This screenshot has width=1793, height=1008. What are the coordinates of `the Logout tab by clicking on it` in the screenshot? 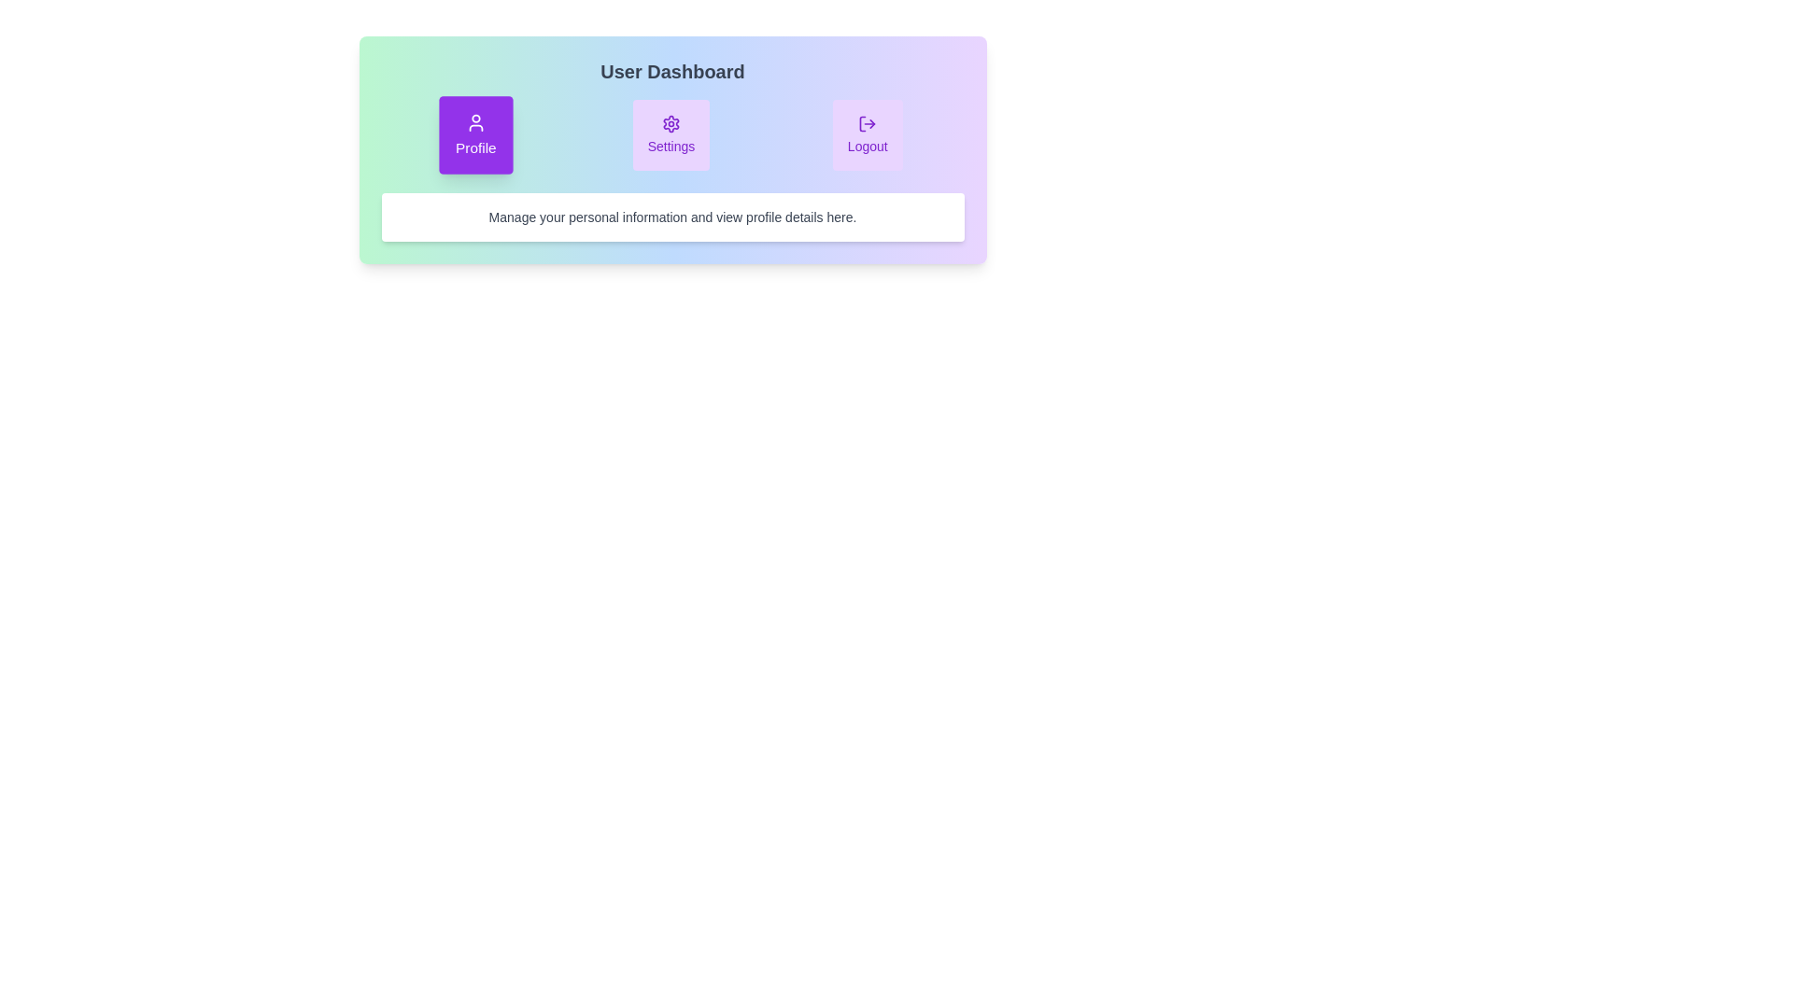 It's located at (867, 134).